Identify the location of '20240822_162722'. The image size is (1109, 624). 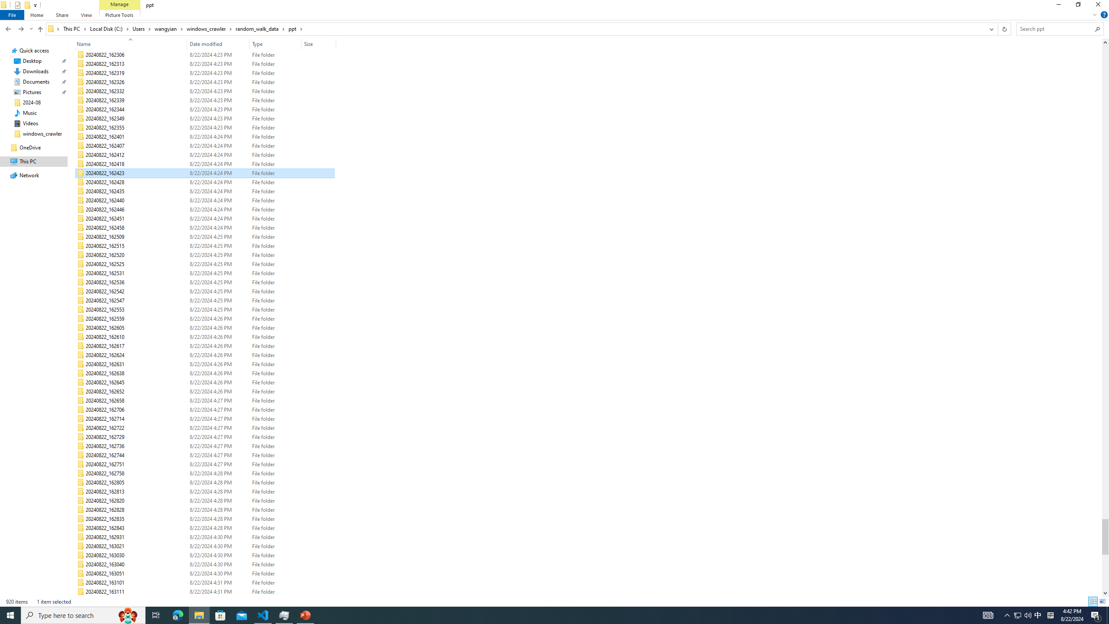
(204, 428).